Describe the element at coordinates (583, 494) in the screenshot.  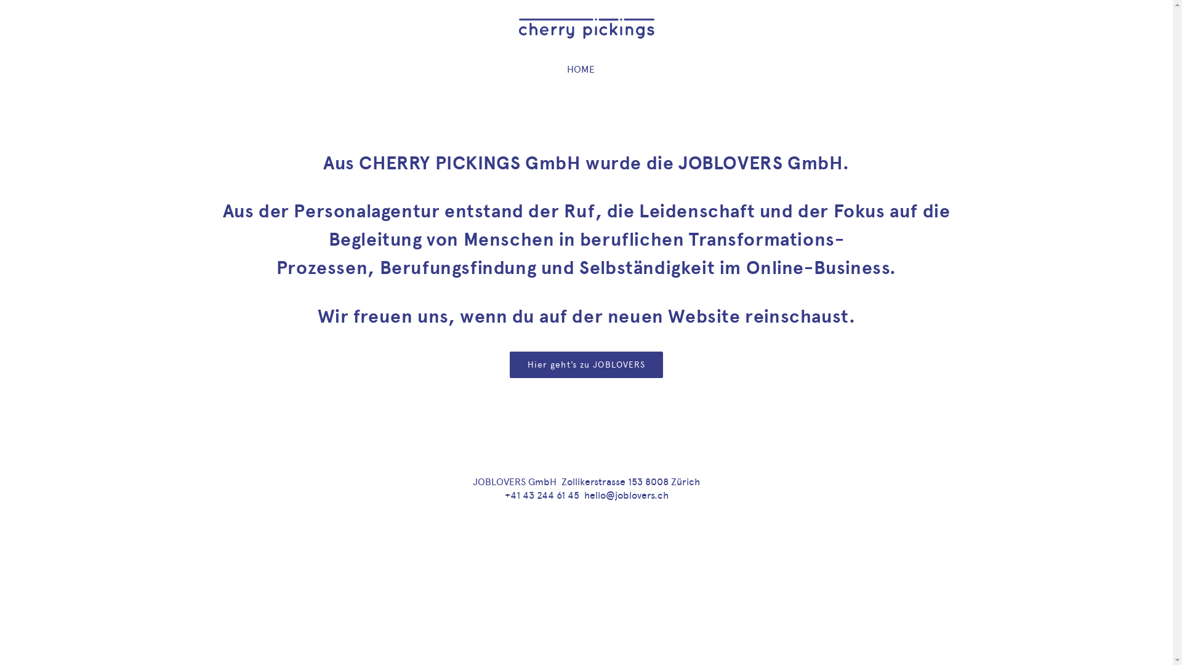
I see `'hello@joblovers.ch'` at that location.